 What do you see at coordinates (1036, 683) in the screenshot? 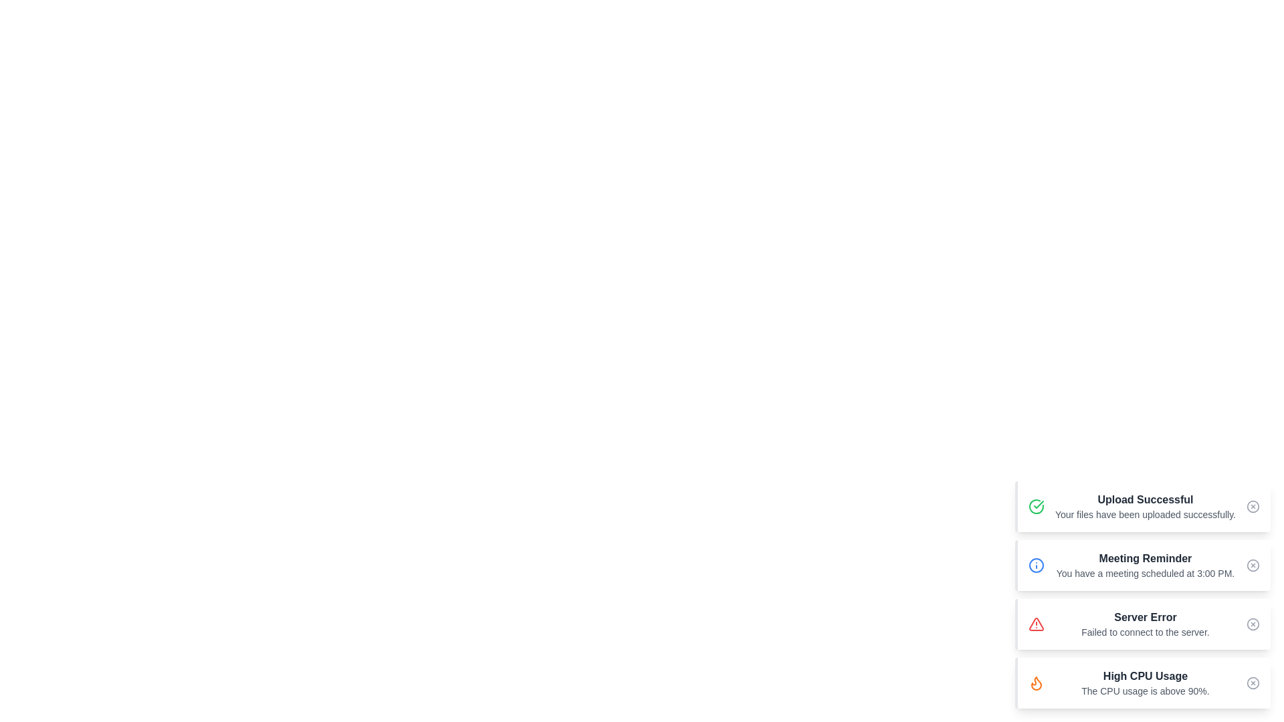
I see `the icon of the alert titled 'High CPU Usage'` at bounding box center [1036, 683].